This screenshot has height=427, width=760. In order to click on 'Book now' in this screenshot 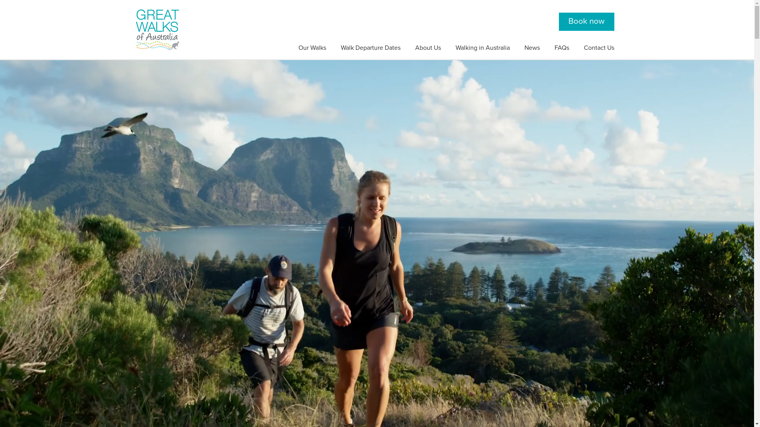, I will do `click(587, 21)`.